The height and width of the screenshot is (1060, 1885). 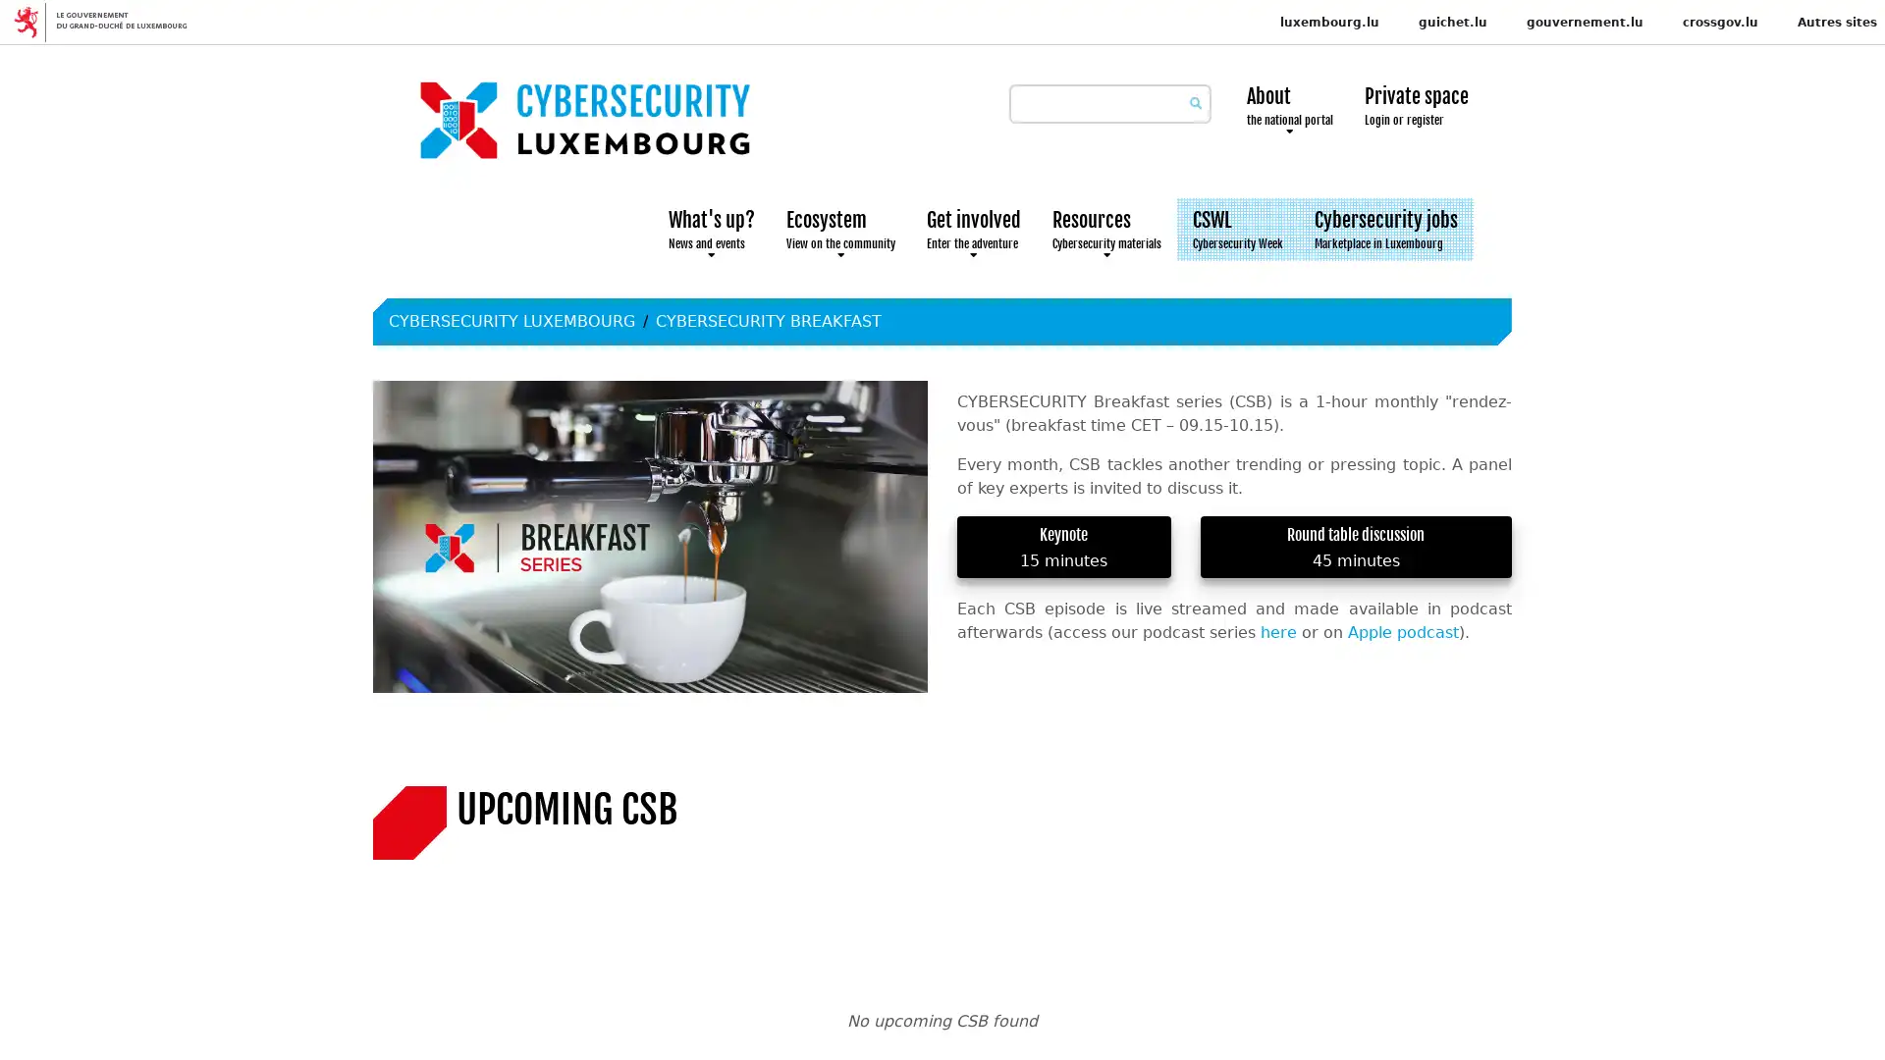 What do you see at coordinates (512, 320) in the screenshot?
I see `CYBERSECURITY LUXEMBOURG` at bounding box center [512, 320].